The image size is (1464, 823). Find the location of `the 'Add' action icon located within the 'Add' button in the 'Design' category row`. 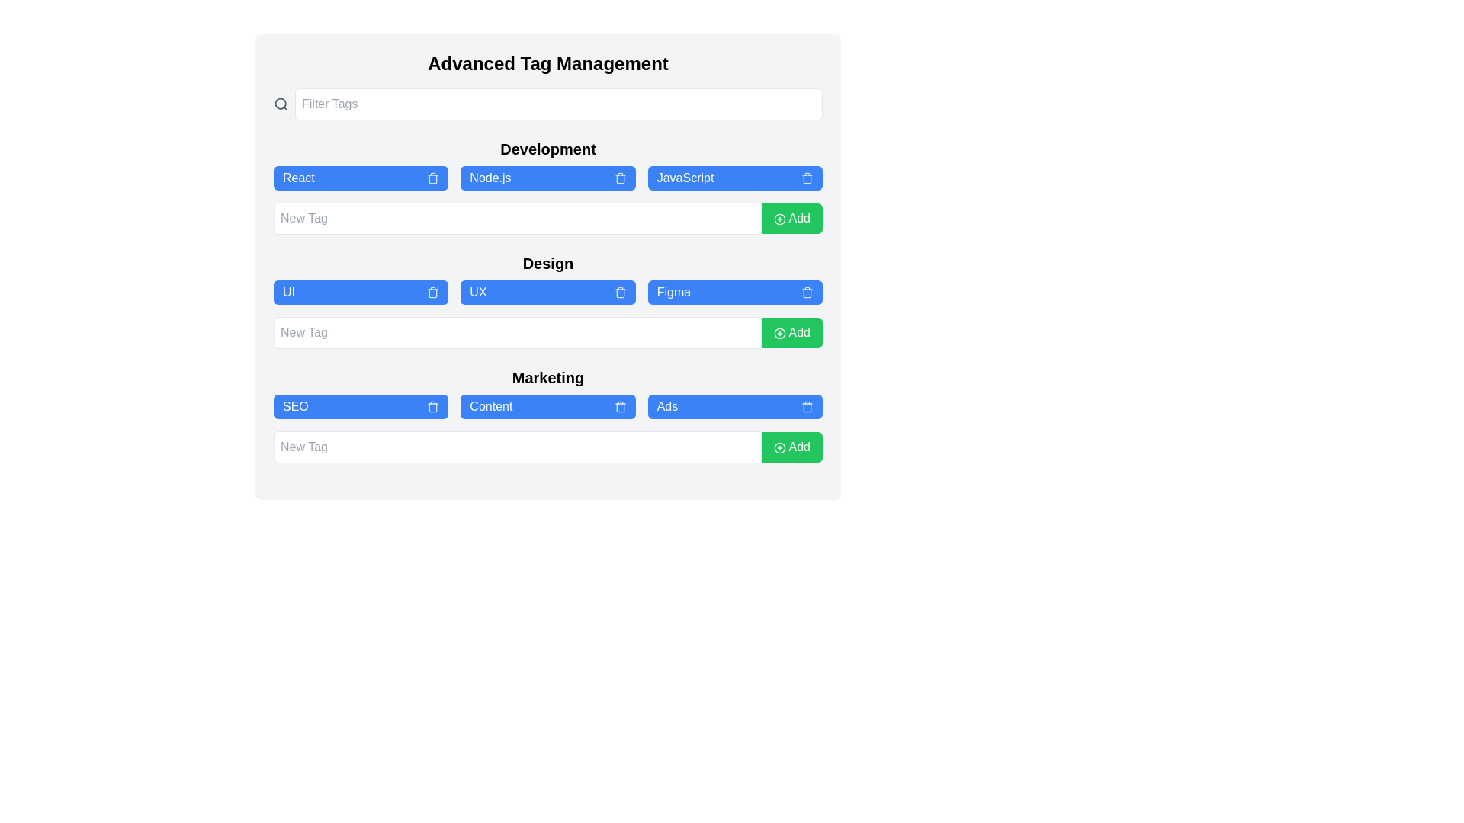

the 'Add' action icon located within the 'Add' button in the 'Design' category row is located at coordinates (779, 332).